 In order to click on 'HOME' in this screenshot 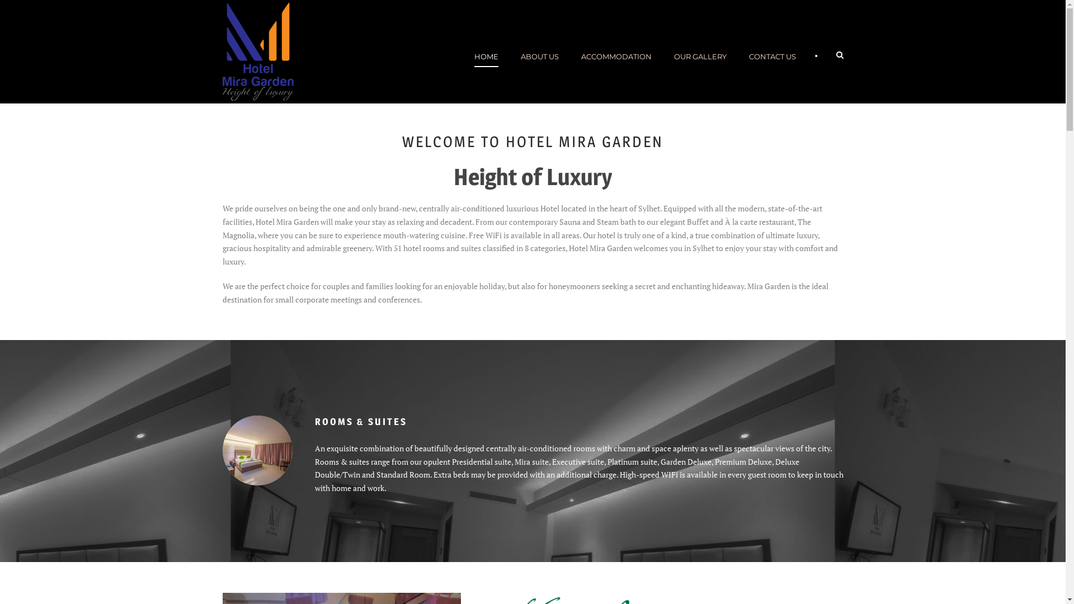, I will do `click(492, 69)`.